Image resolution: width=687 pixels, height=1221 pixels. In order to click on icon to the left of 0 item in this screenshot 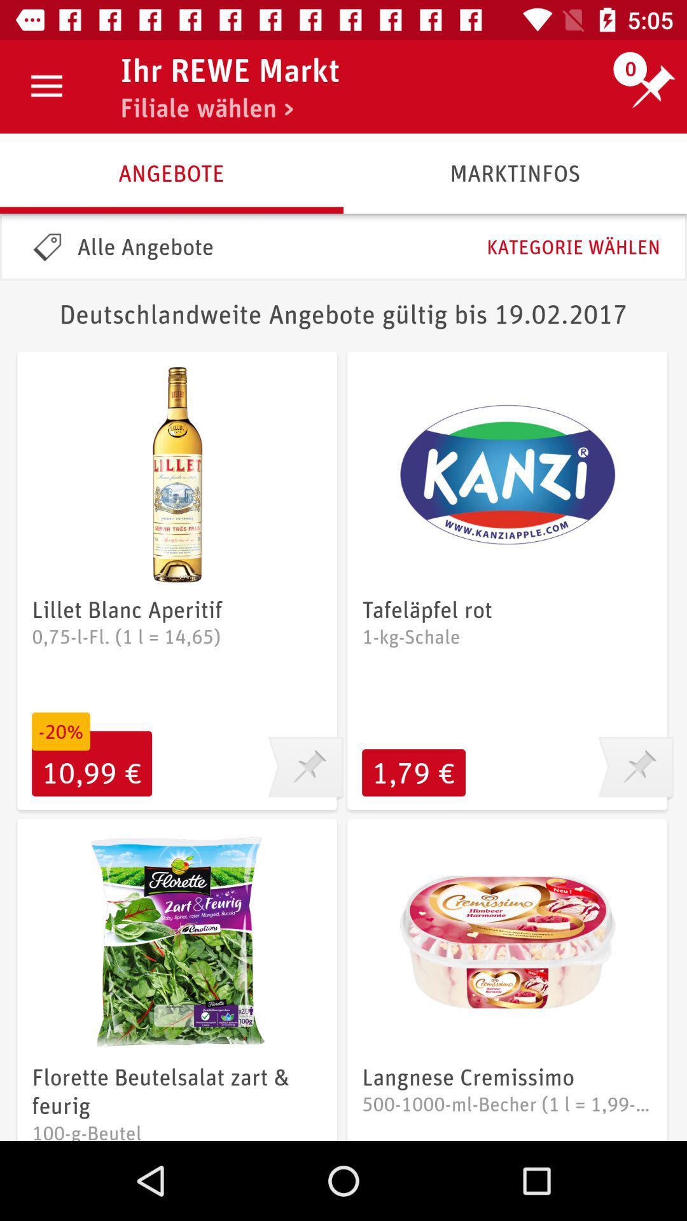, I will do `click(230, 69)`.